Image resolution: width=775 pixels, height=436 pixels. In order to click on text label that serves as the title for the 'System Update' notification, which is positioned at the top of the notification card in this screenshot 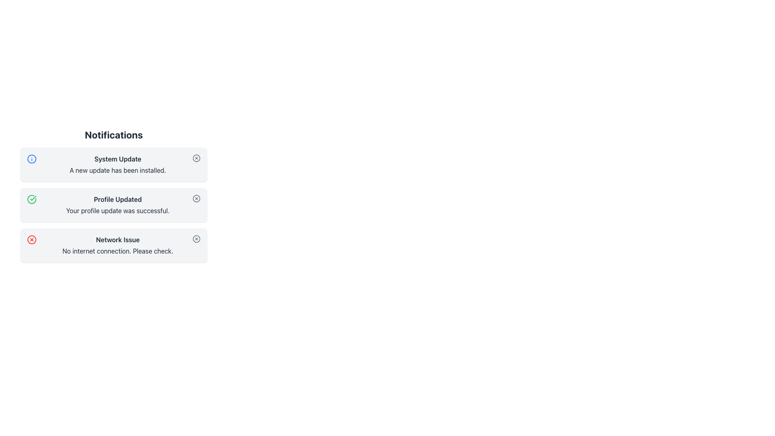, I will do `click(117, 159)`.